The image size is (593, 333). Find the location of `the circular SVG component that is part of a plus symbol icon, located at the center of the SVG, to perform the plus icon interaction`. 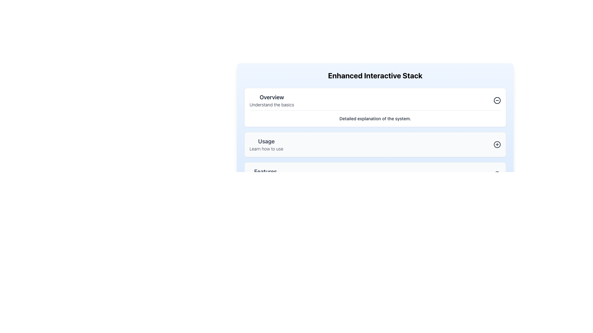

the circular SVG component that is part of a plus symbol icon, located at the center of the SVG, to perform the plus icon interaction is located at coordinates (497, 145).